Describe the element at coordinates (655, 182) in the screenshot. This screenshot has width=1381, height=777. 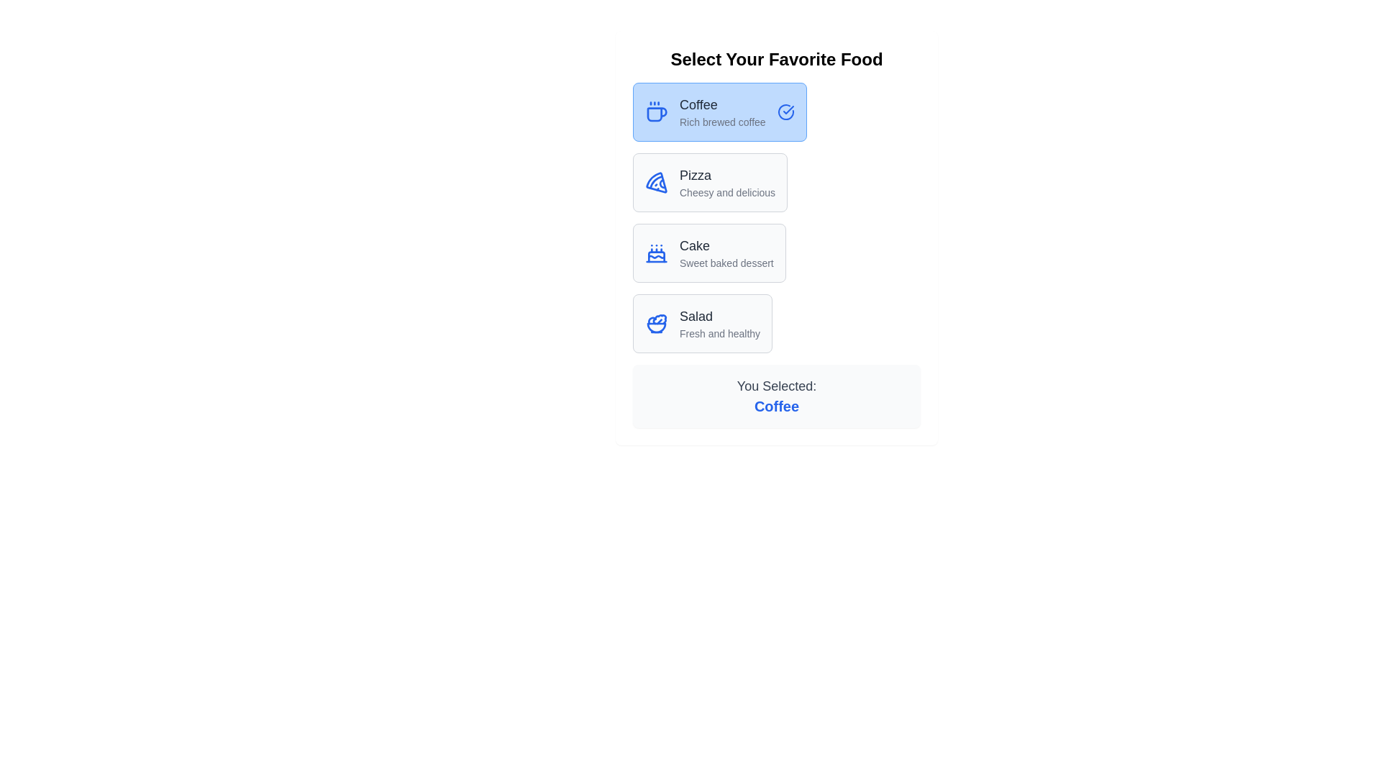
I see `the 'Pizza' option icon in the selection interface, which visually indicates the 'Pizza' choice and is positioned second in the list of options` at that location.